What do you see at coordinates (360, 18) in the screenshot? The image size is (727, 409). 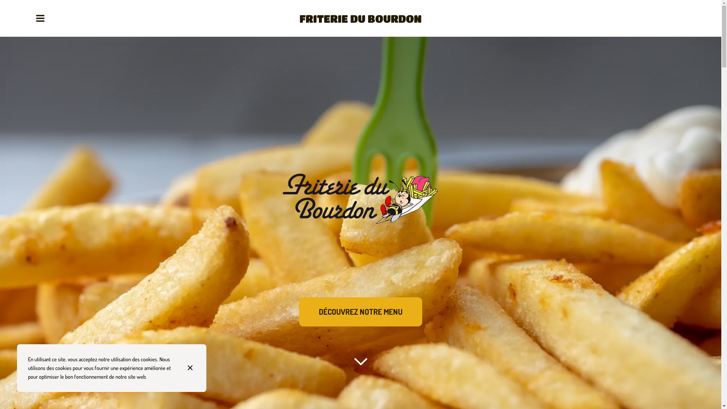 I see `'FRITERIE DU BOURDON` at bounding box center [360, 18].